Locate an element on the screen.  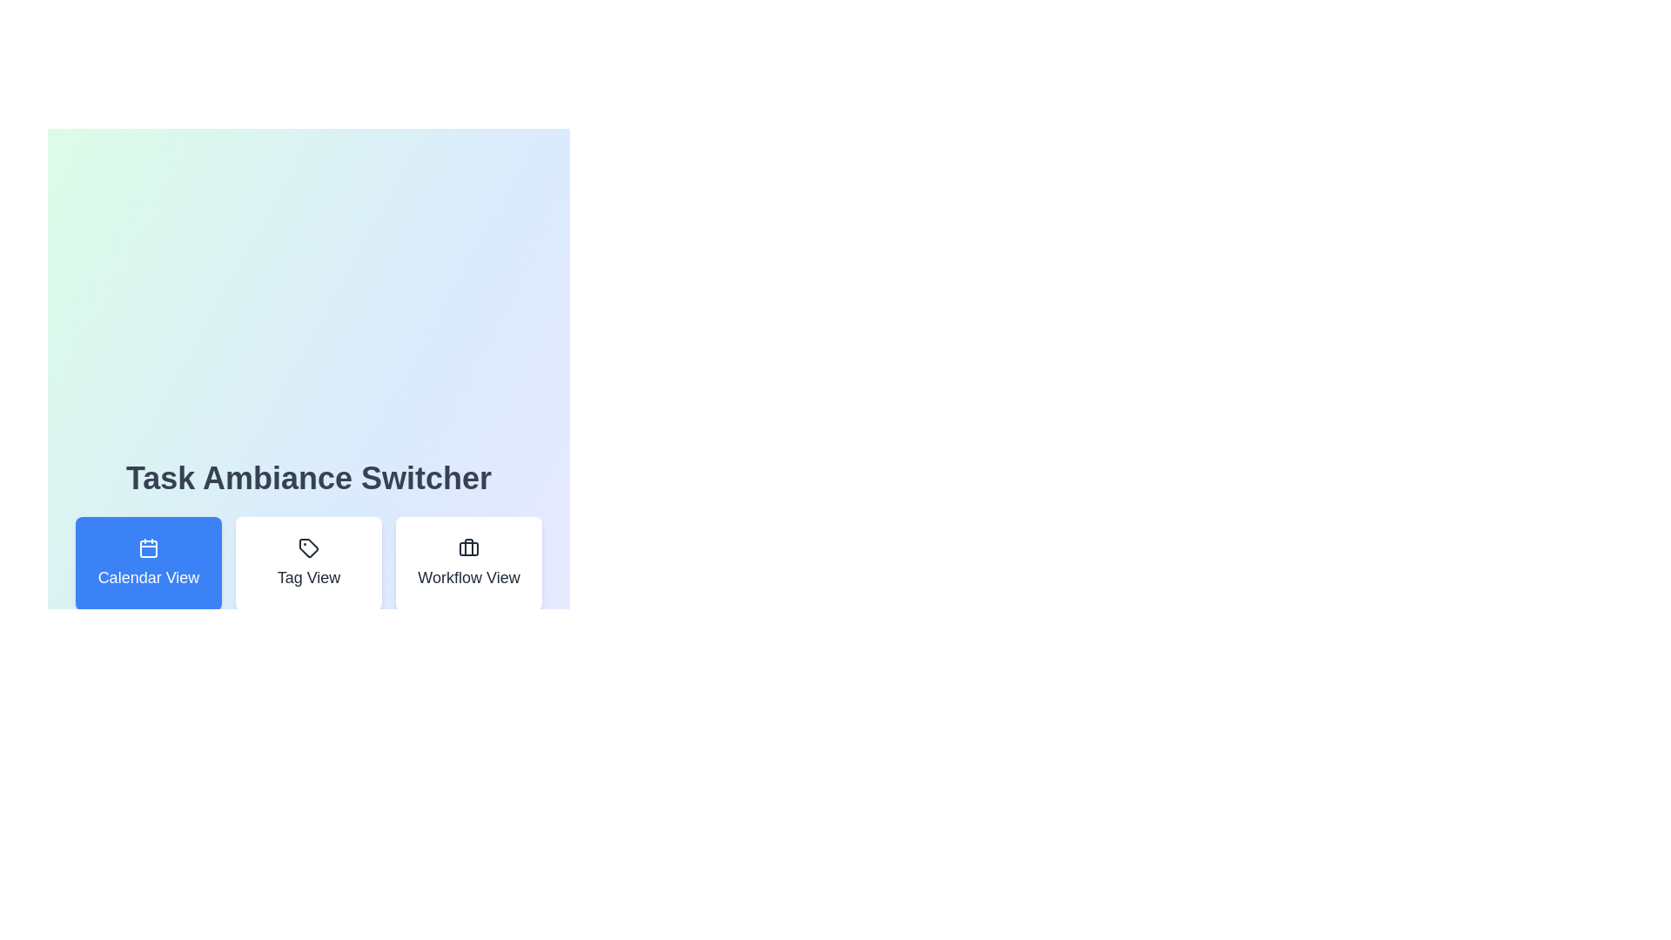
the design details of the rectangular graphical component with rounded corners located within the 'Calendar View' button in the Task Ambiance Switcher is located at coordinates (149, 549).